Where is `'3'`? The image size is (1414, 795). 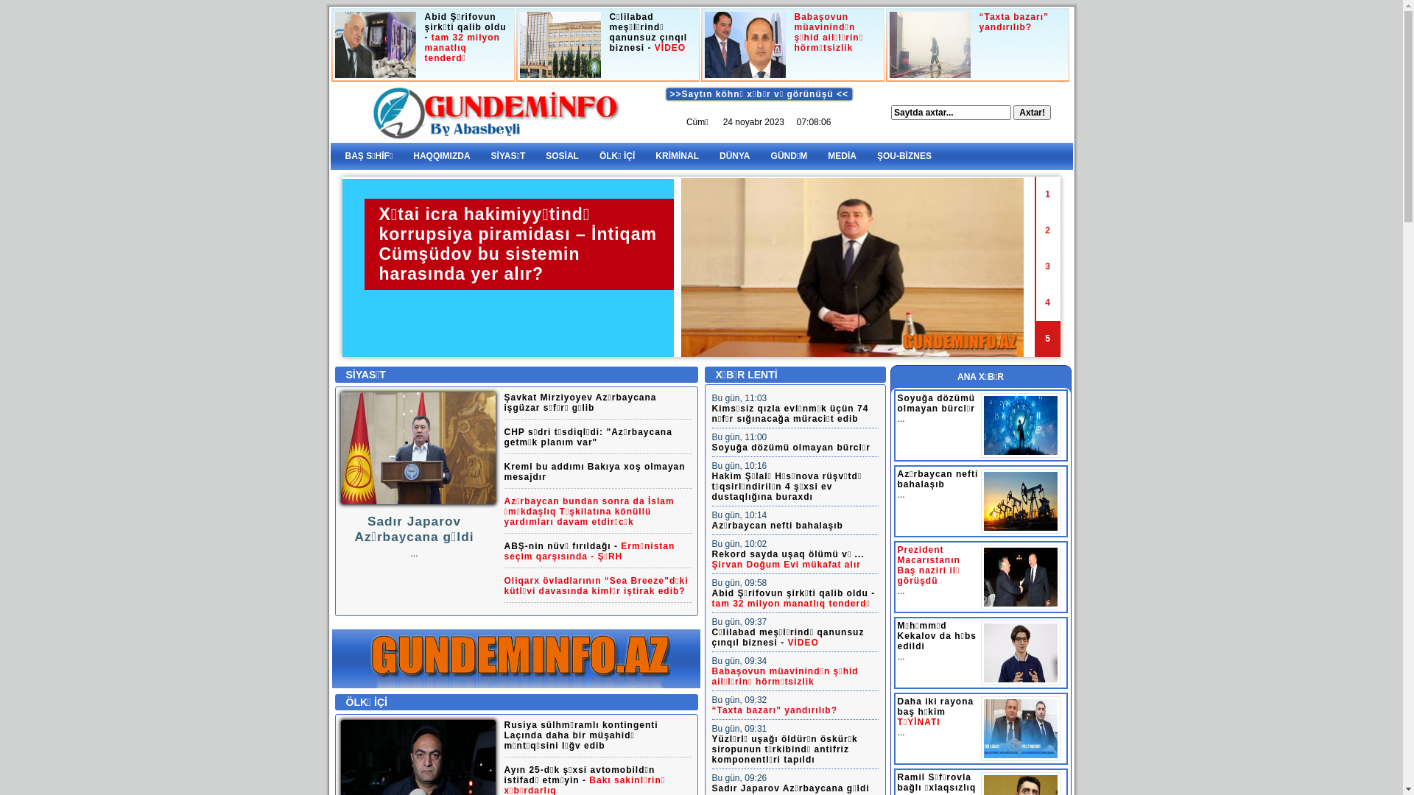
'3' is located at coordinates (1047, 266).